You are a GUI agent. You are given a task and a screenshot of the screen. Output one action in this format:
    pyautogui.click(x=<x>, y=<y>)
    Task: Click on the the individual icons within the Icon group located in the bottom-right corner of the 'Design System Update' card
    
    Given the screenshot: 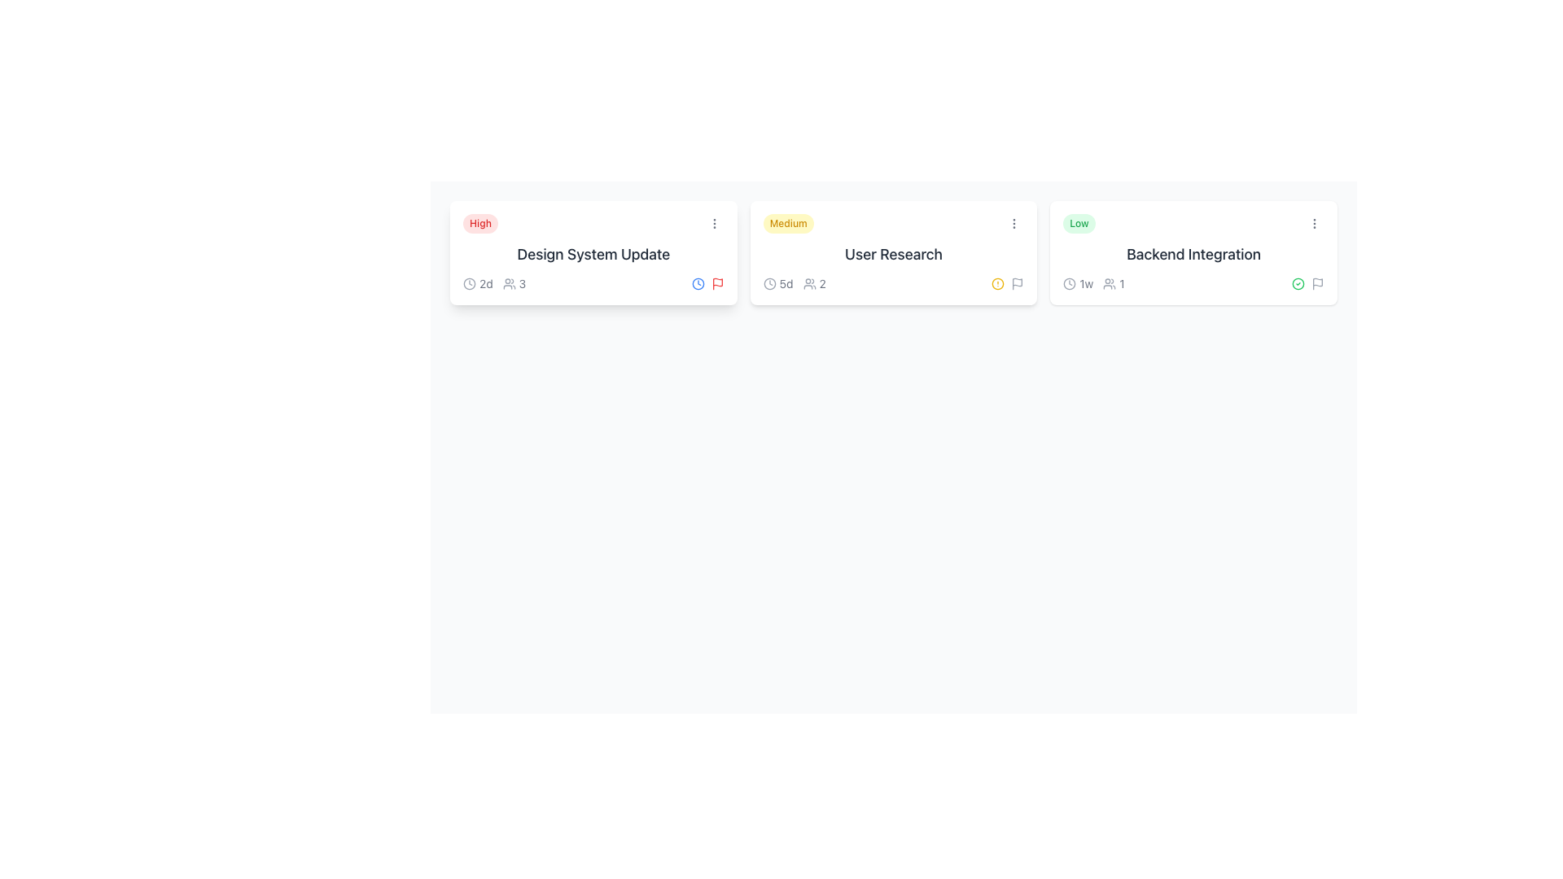 What is the action you would take?
    pyautogui.click(x=707, y=282)
    